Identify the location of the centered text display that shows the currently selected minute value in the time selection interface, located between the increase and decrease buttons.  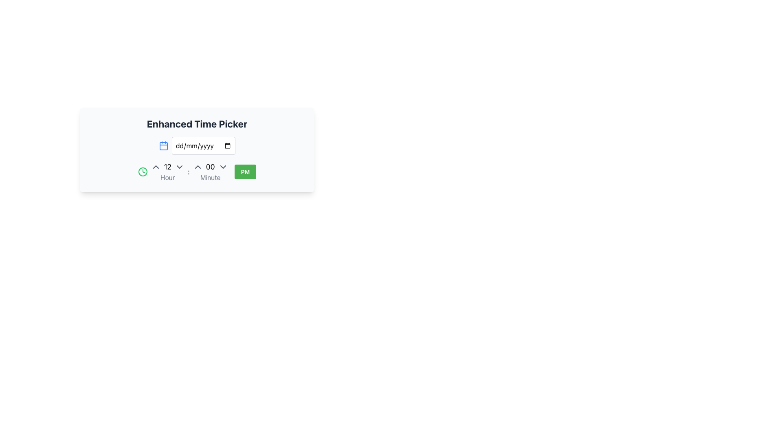
(210, 166).